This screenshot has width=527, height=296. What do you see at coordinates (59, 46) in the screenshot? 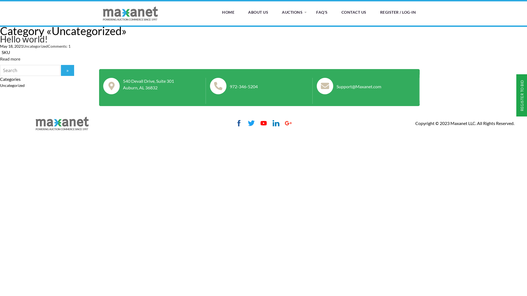
I see `'Comments: 1'` at bounding box center [59, 46].